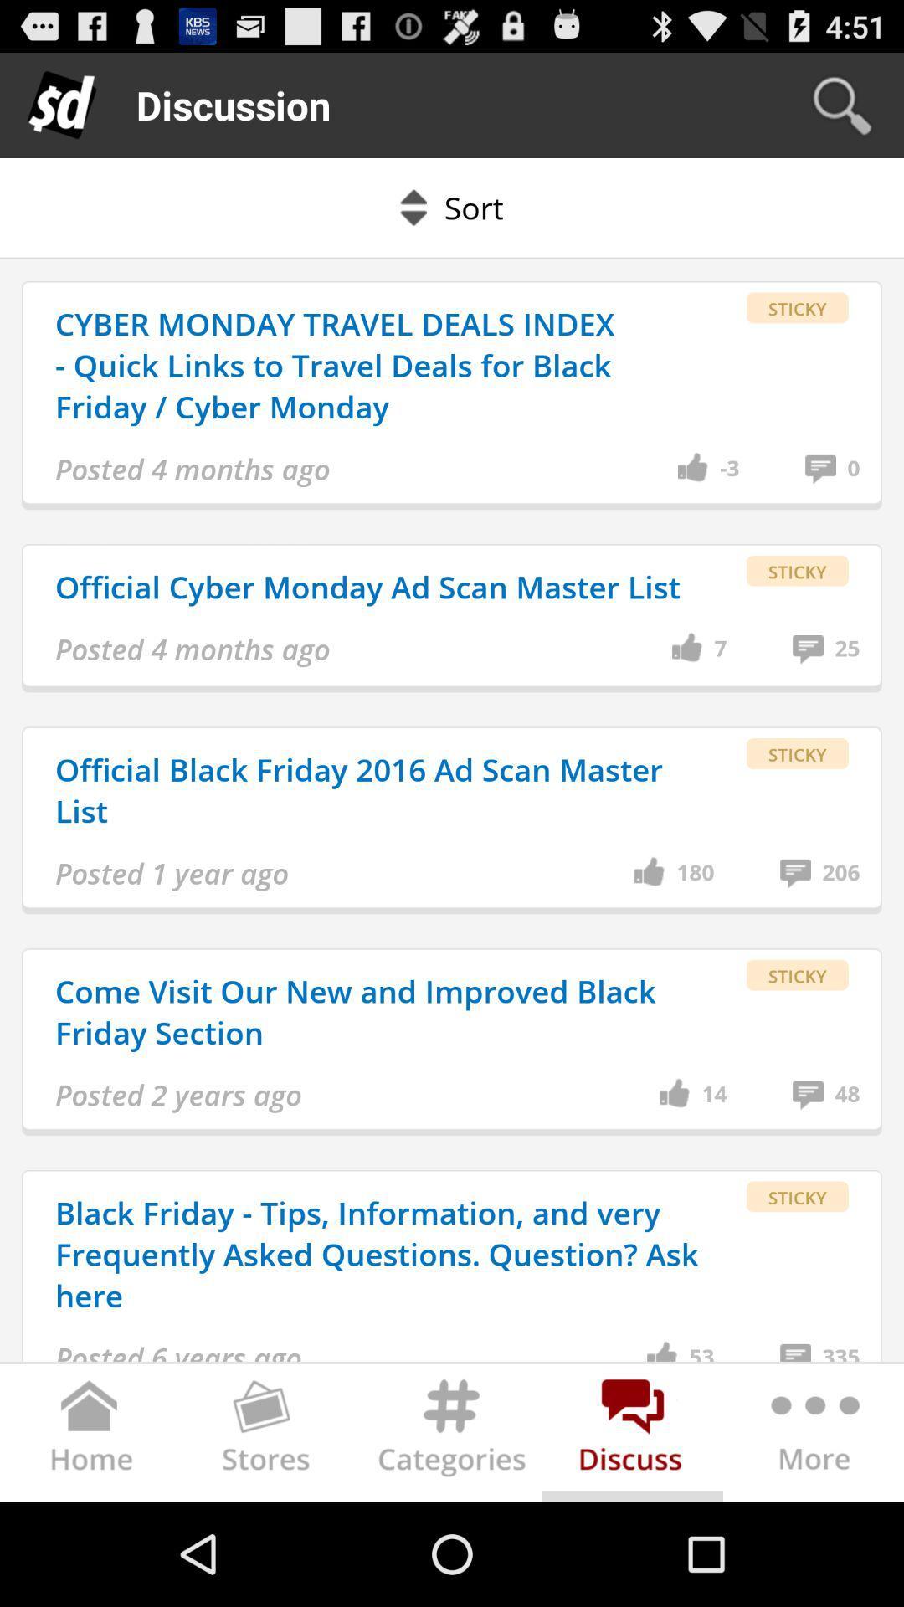 This screenshot has height=1607, width=904. What do you see at coordinates (90, 1537) in the screenshot?
I see `the home icon` at bounding box center [90, 1537].